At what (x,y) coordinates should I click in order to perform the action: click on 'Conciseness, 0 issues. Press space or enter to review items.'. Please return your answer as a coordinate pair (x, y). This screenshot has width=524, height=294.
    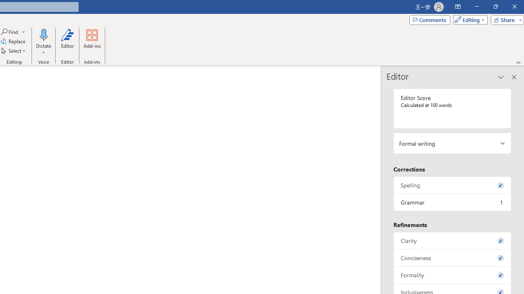
    Looking at the image, I should click on (452, 258).